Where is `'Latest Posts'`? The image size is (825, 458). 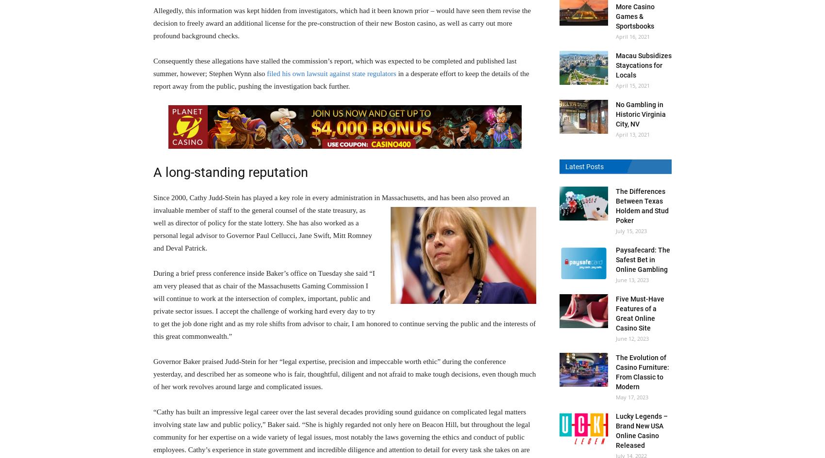 'Latest Posts' is located at coordinates (565, 166).